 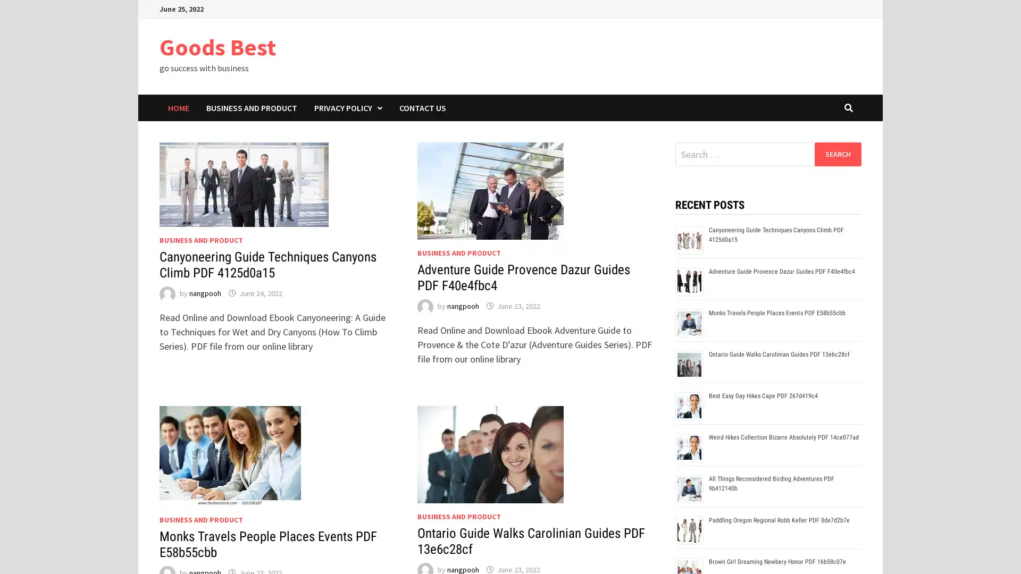 What do you see at coordinates (837, 154) in the screenshot?
I see `Search` at bounding box center [837, 154].